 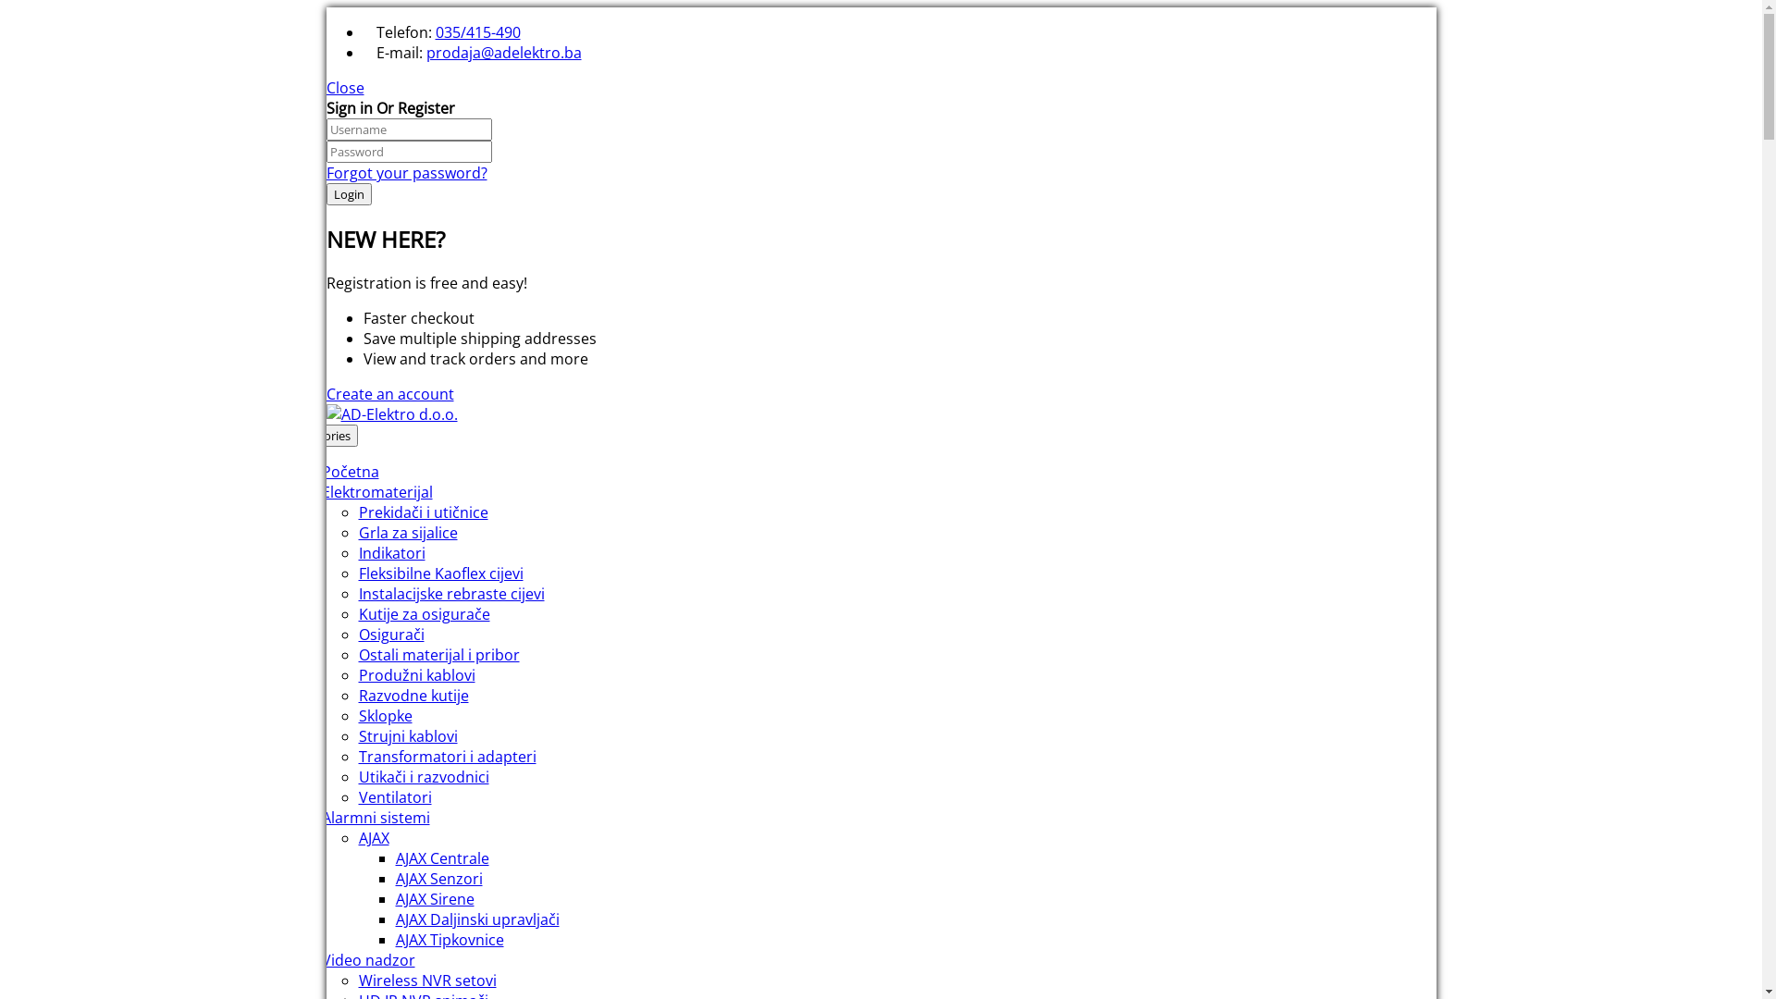 I want to click on 'Grla za sijalice', so click(x=407, y=532).